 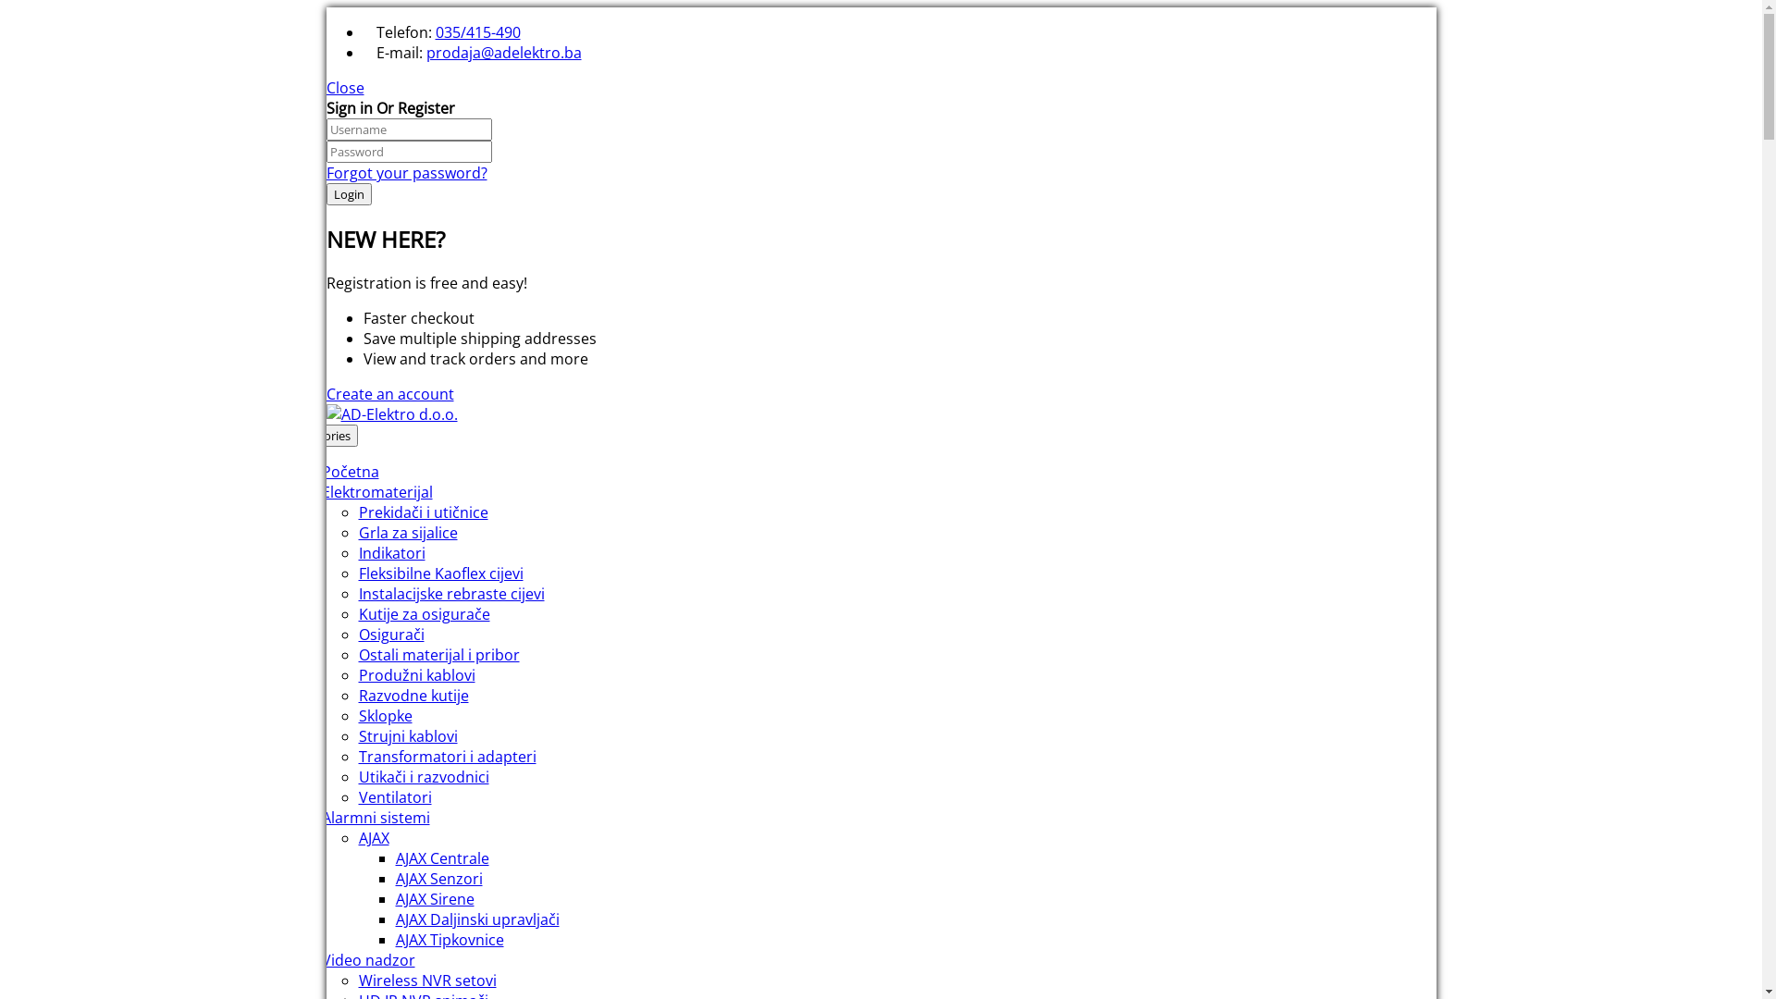 I want to click on 'Grla za sijalice', so click(x=407, y=532).